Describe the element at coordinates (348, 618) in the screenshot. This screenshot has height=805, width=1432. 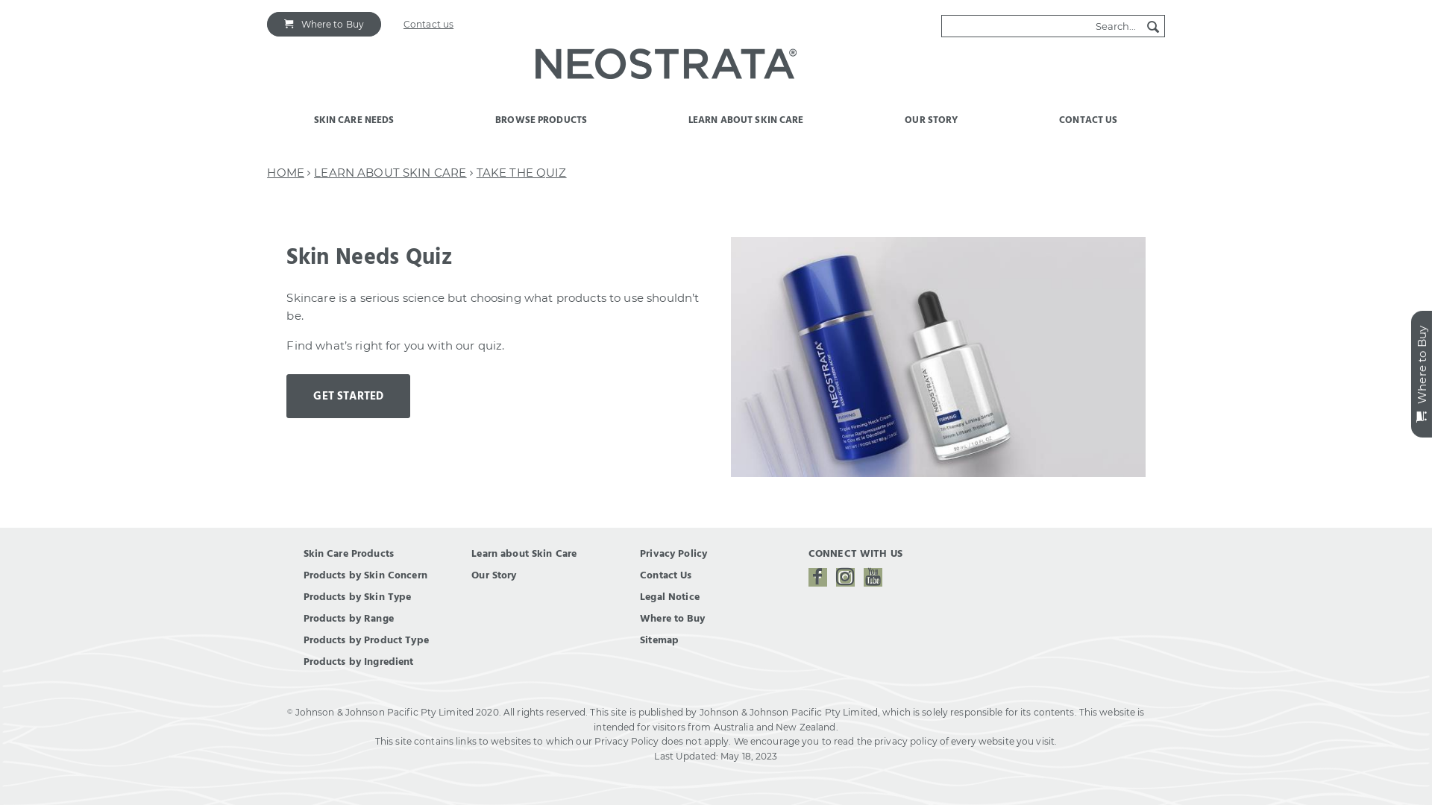
I see `'Products by Range'` at that location.